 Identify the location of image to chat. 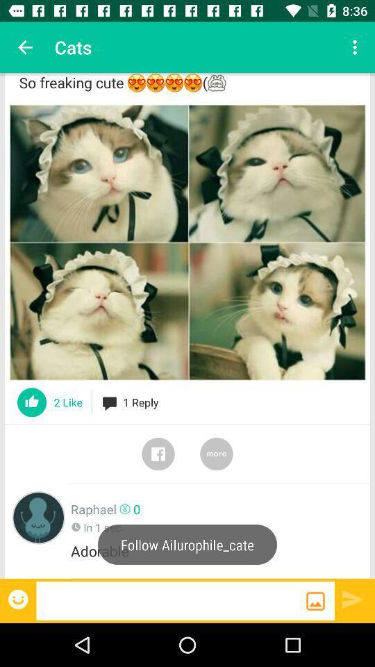
(315, 600).